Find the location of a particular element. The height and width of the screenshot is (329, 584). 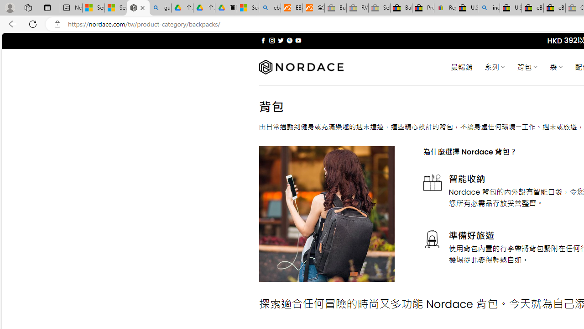

'Press Room - eBay Inc.' is located at coordinates (422, 8).